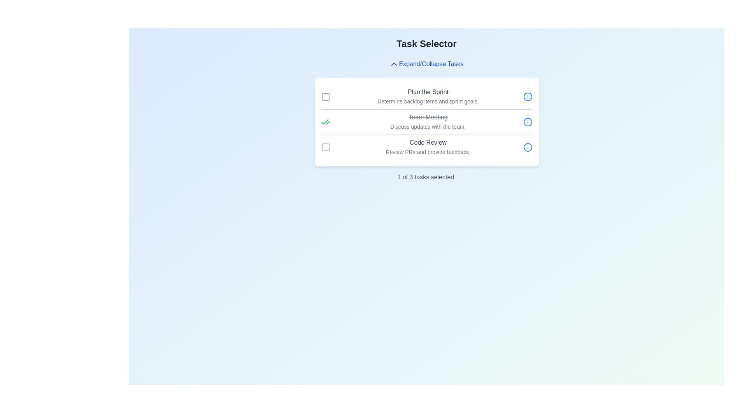  I want to click on the information button for the task 'Team Meeting', so click(528, 122).